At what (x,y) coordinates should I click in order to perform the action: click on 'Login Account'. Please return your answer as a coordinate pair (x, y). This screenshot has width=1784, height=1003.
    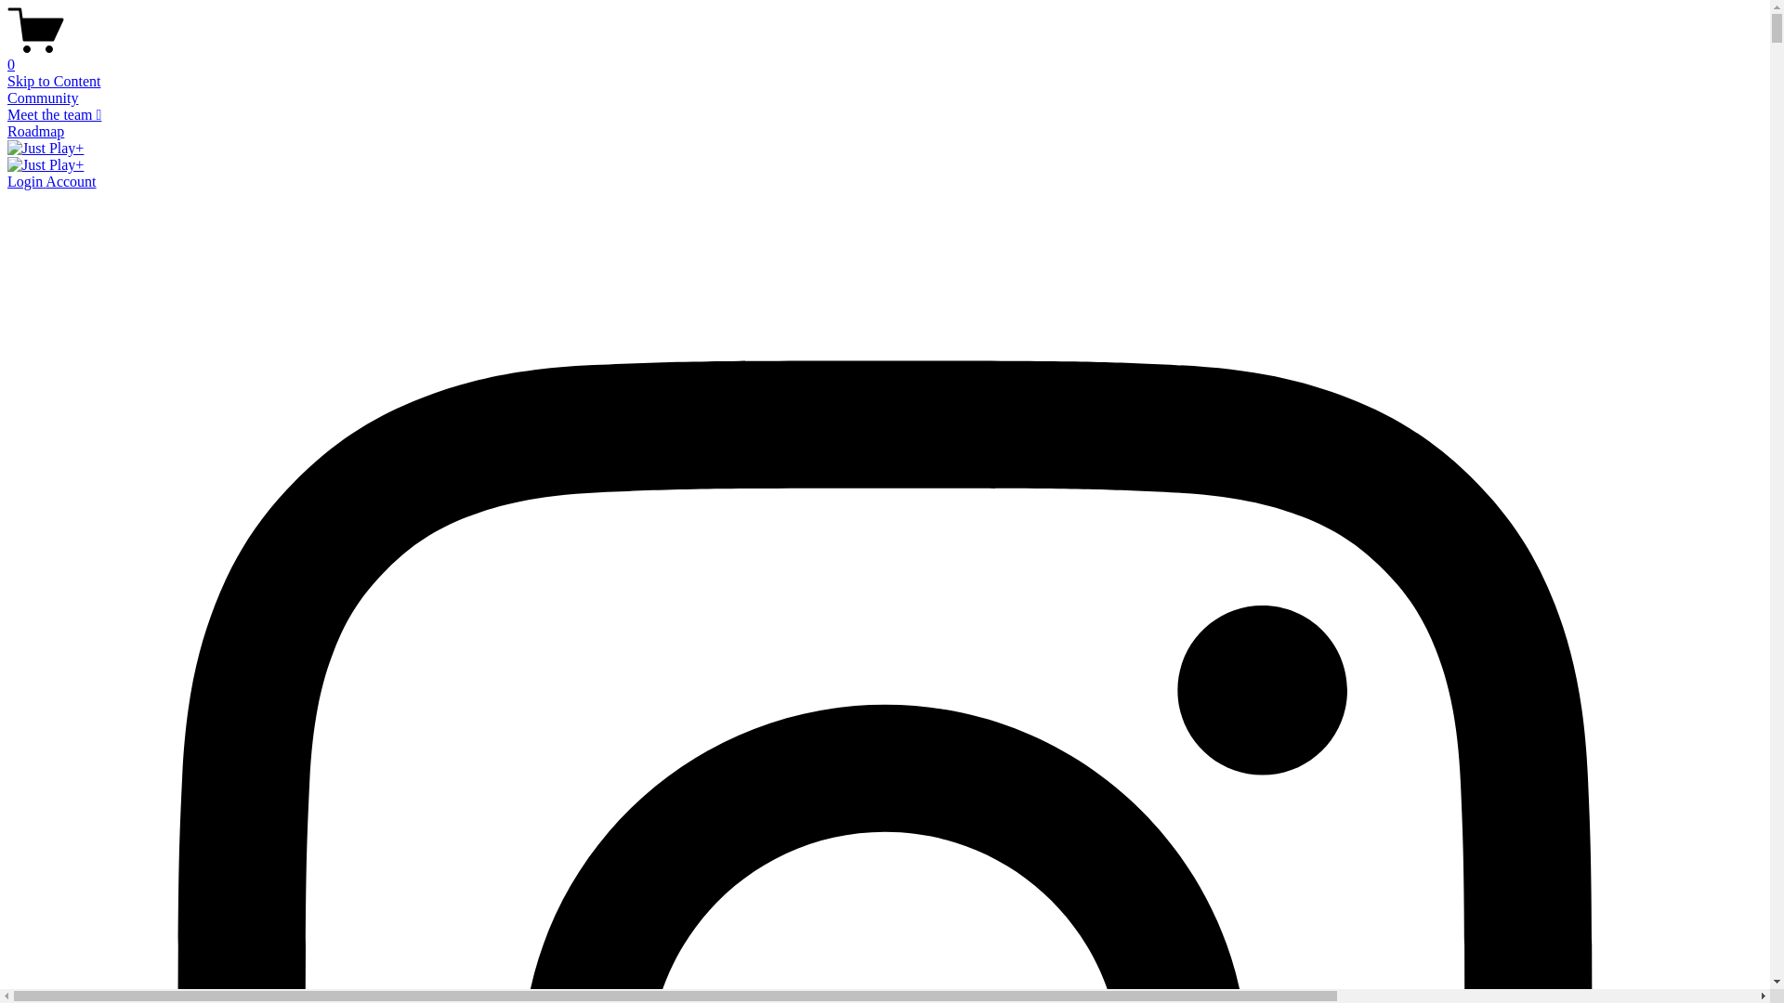
    Looking at the image, I should click on (52, 181).